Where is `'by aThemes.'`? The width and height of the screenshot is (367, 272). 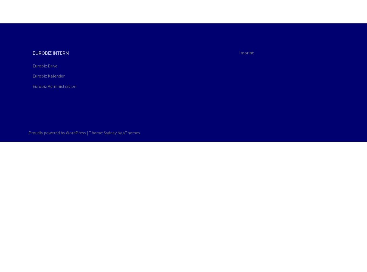
'by aThemes.' is located at coordinates (128, 132).